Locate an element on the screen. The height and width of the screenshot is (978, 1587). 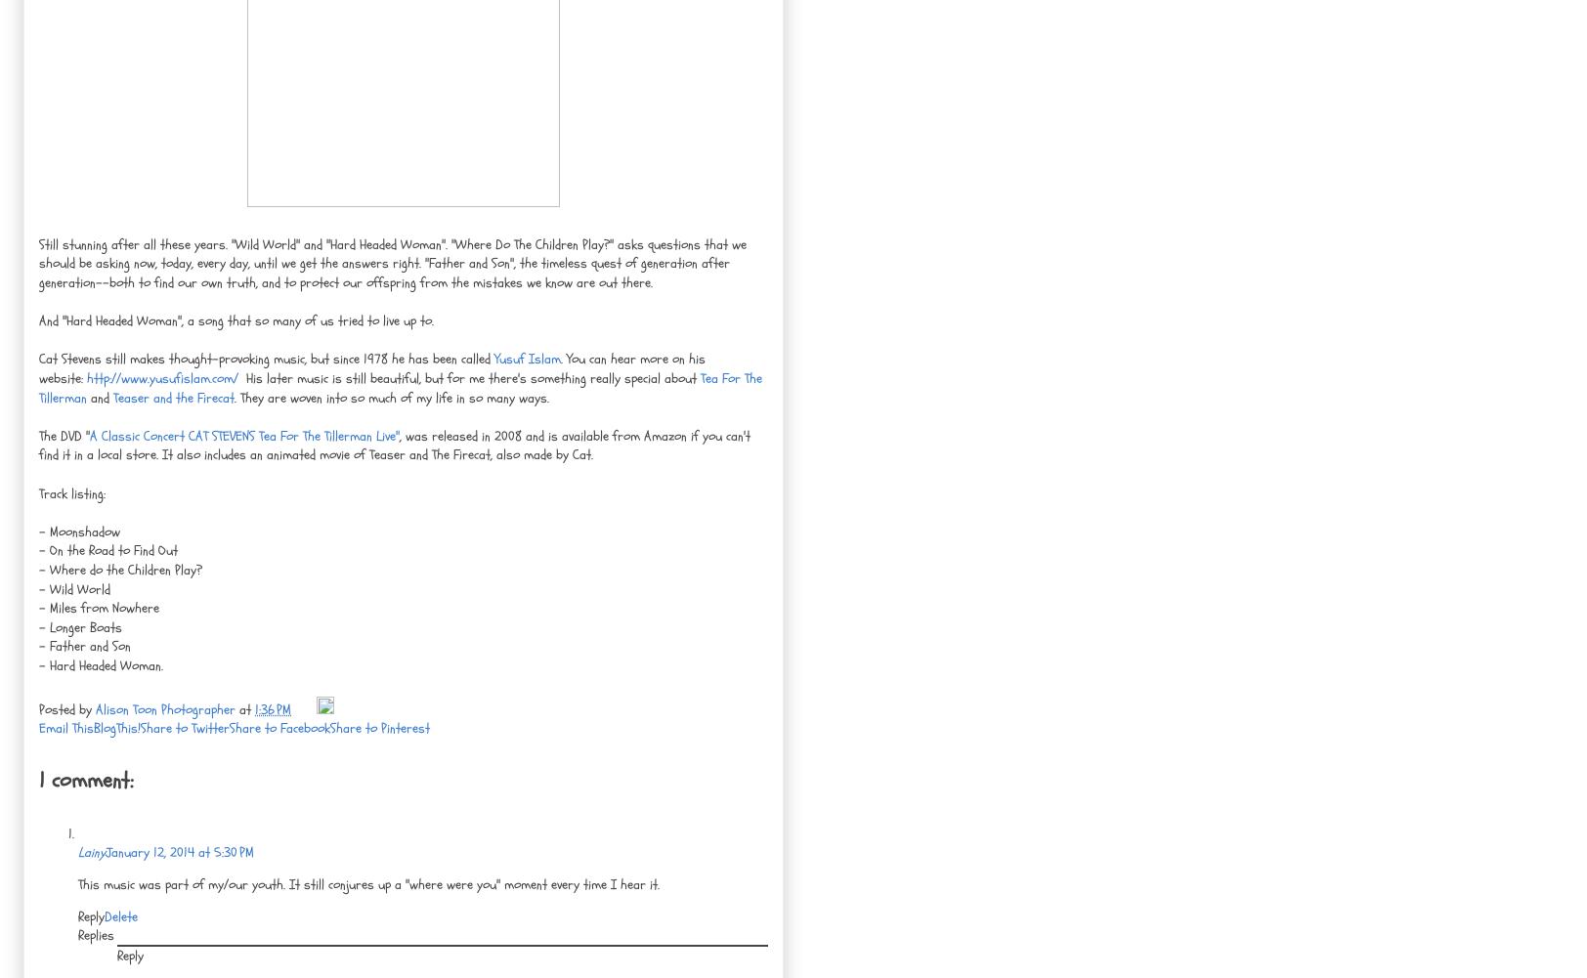
'- Father and Son' is located at coordinates (85, 645).